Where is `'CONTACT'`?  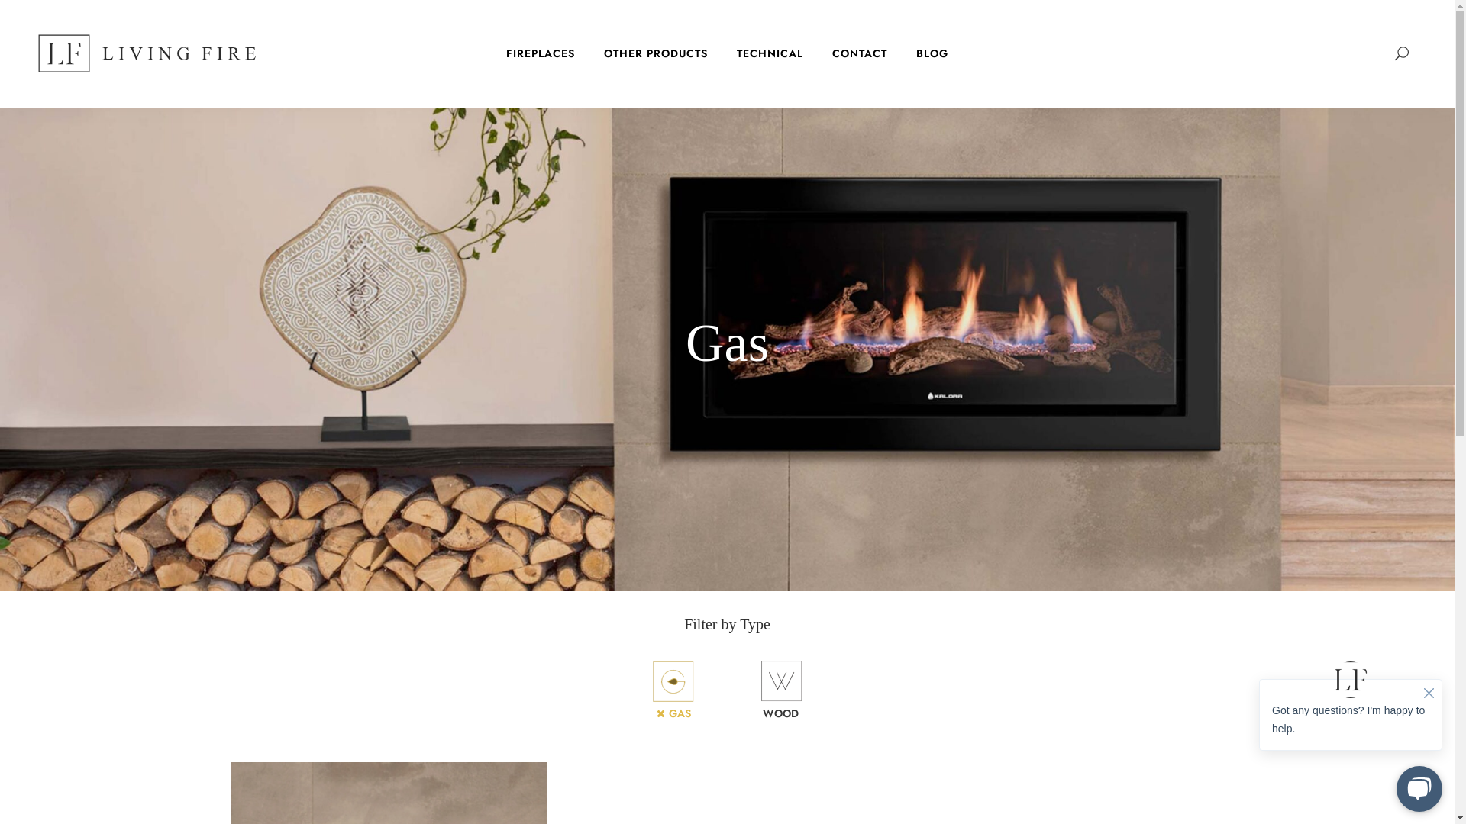
'CONTACT' is located at coordinates (816, 52).